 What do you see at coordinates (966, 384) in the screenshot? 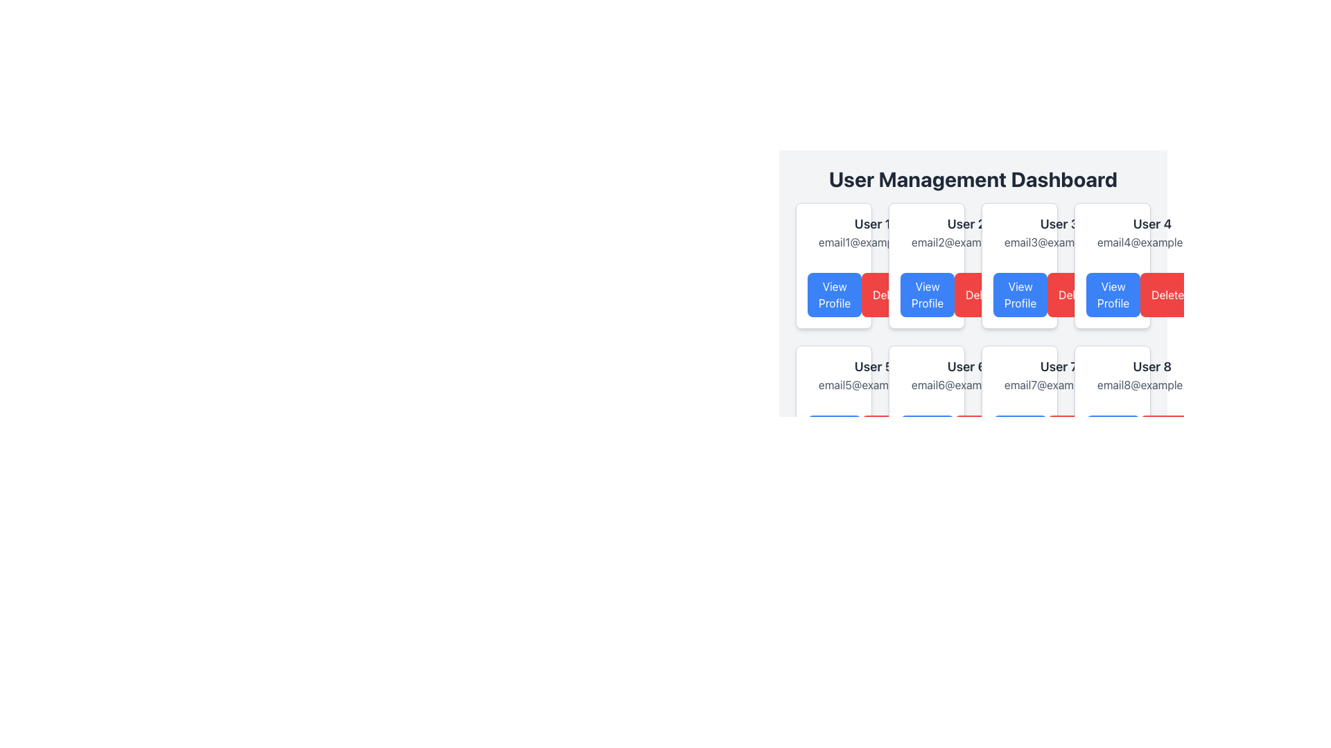
I see `email address text 'email6@example.com' located beneath the label 'User 6' in the User Management Dashboard` at bounding box center [966, 384].